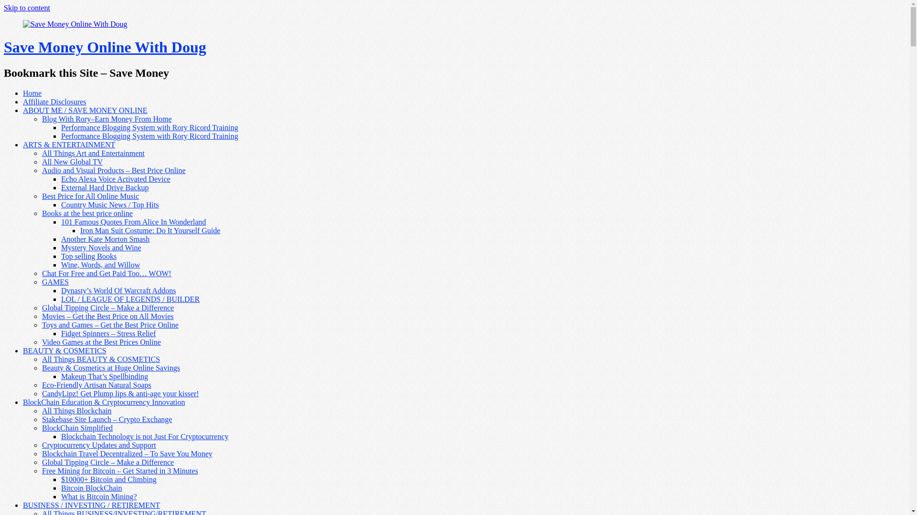  What do you see at coordinates (27, 8) in the screenshot?
I see `'Skip to content'` at bounding box center [27, 8].